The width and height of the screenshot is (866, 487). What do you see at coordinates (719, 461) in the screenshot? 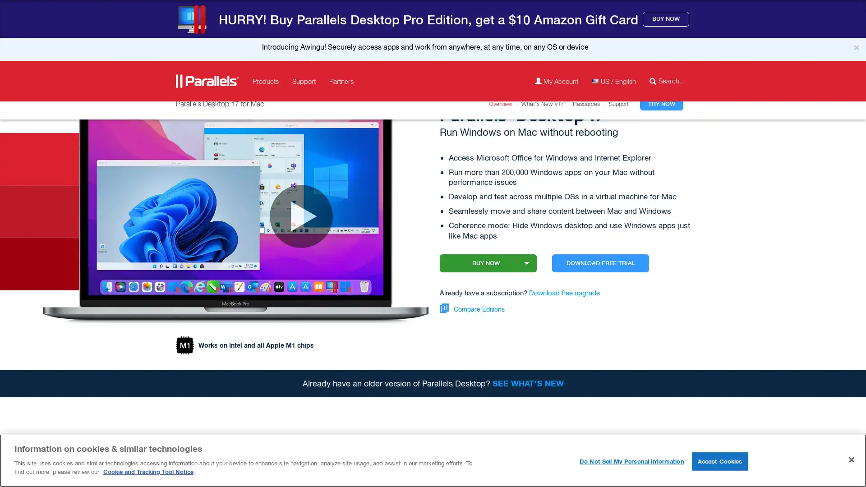
I see `Accept Cookies` at bounding box center [719, 461].